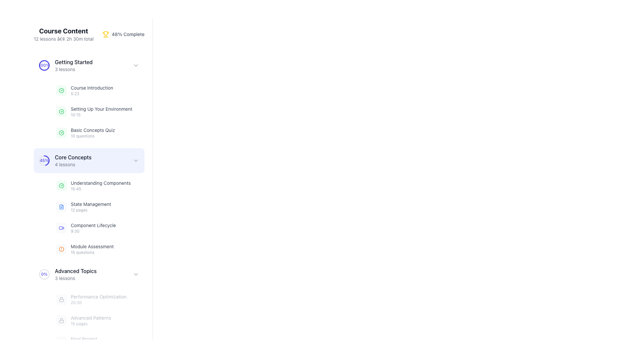  What do you see at coordinates (83, 320) in the screenshot?
I see `the information of the list item titled 'Advanced Patterns' that has a lock icon and is located within the 'Advanced Topics' section` at bounding box center [83, 320].